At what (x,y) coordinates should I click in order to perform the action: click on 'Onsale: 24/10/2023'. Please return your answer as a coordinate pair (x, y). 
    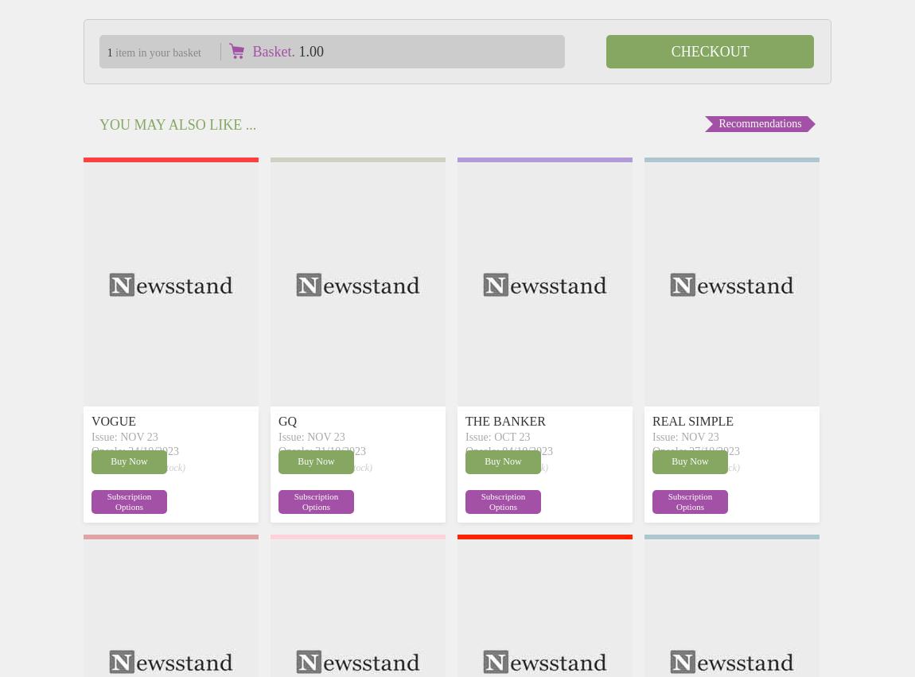
    Looking at the image, I should click on (134, 449).